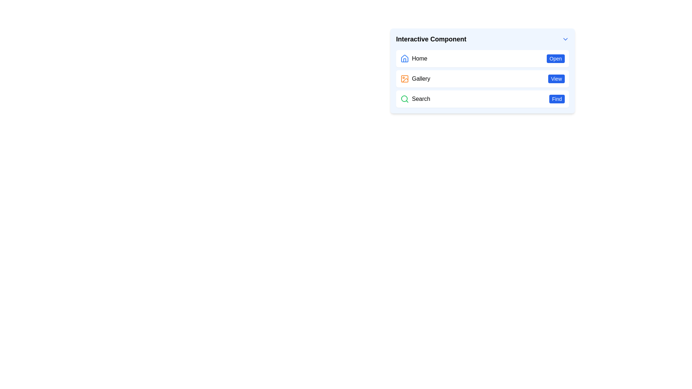  Describe the element at coordinates (421, 79) in the screenshot. I see `'Gallery' label located in the middle of a vertical list of interactive components, positioned between the 'Home' entry and the 'Search' entry` at that location.